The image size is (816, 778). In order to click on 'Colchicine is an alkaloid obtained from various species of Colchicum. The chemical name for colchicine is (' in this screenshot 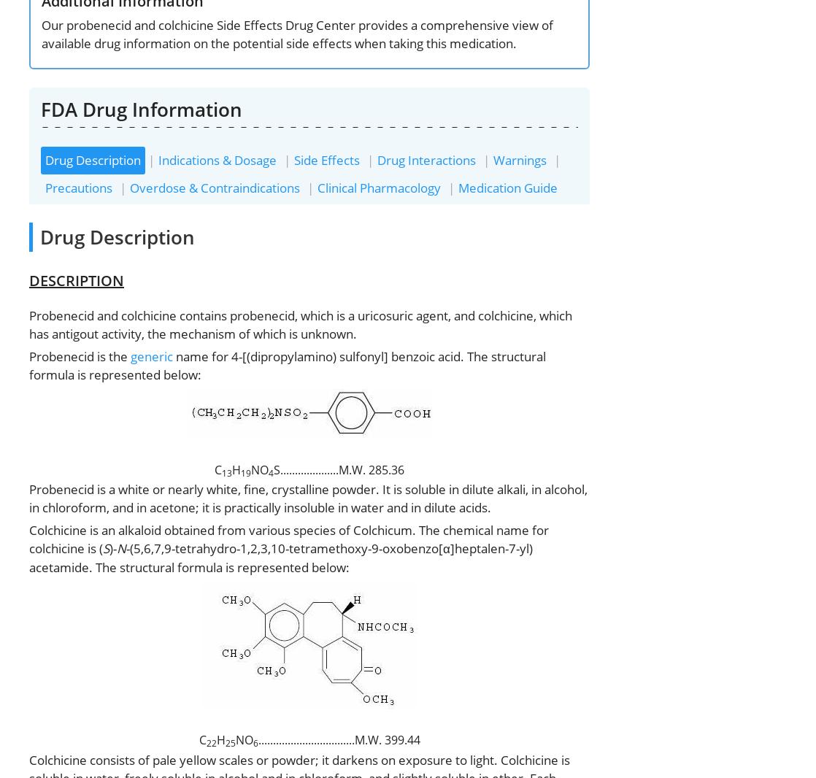, I will do `click(288, 538)`.